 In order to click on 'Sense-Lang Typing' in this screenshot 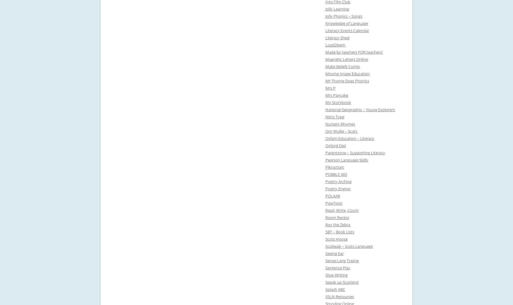, I will do `click(342, 260)`.